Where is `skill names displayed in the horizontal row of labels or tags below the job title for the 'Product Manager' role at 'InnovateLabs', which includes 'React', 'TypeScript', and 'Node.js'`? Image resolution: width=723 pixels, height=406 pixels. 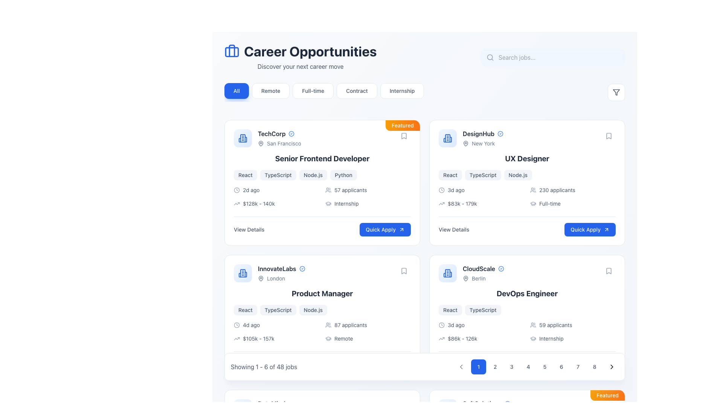
skill names displayed in the horizontal row of labels or tags below the job title for the 'Product Manager' role at 'InnovateLabs', which includes 'React', 'TypeScript', and 'Node.js' is located at coordinates (322, 310).